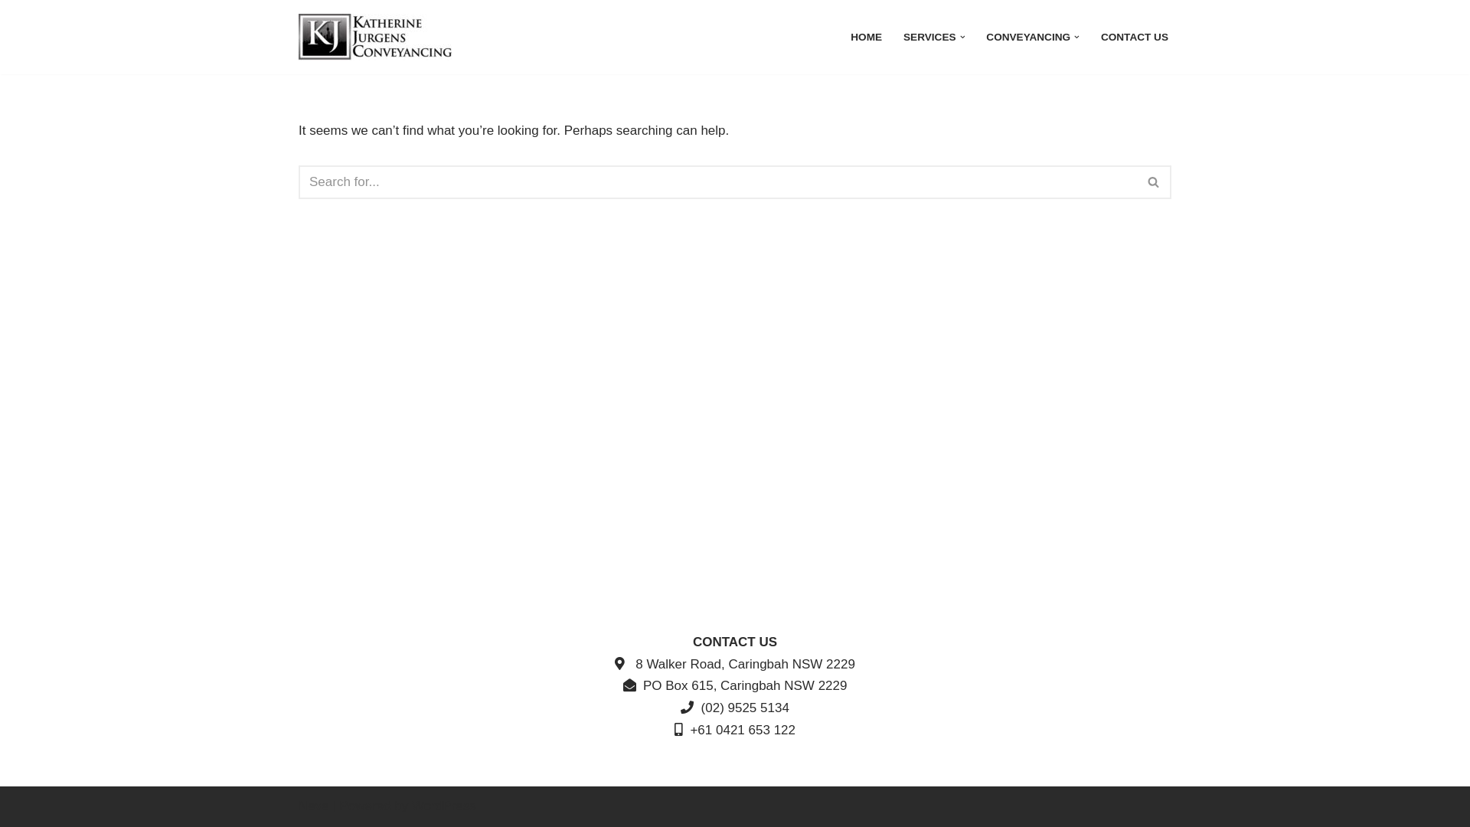 The image size is (1470, 827). I want to click on 'SERVICES', so click(929, 36).